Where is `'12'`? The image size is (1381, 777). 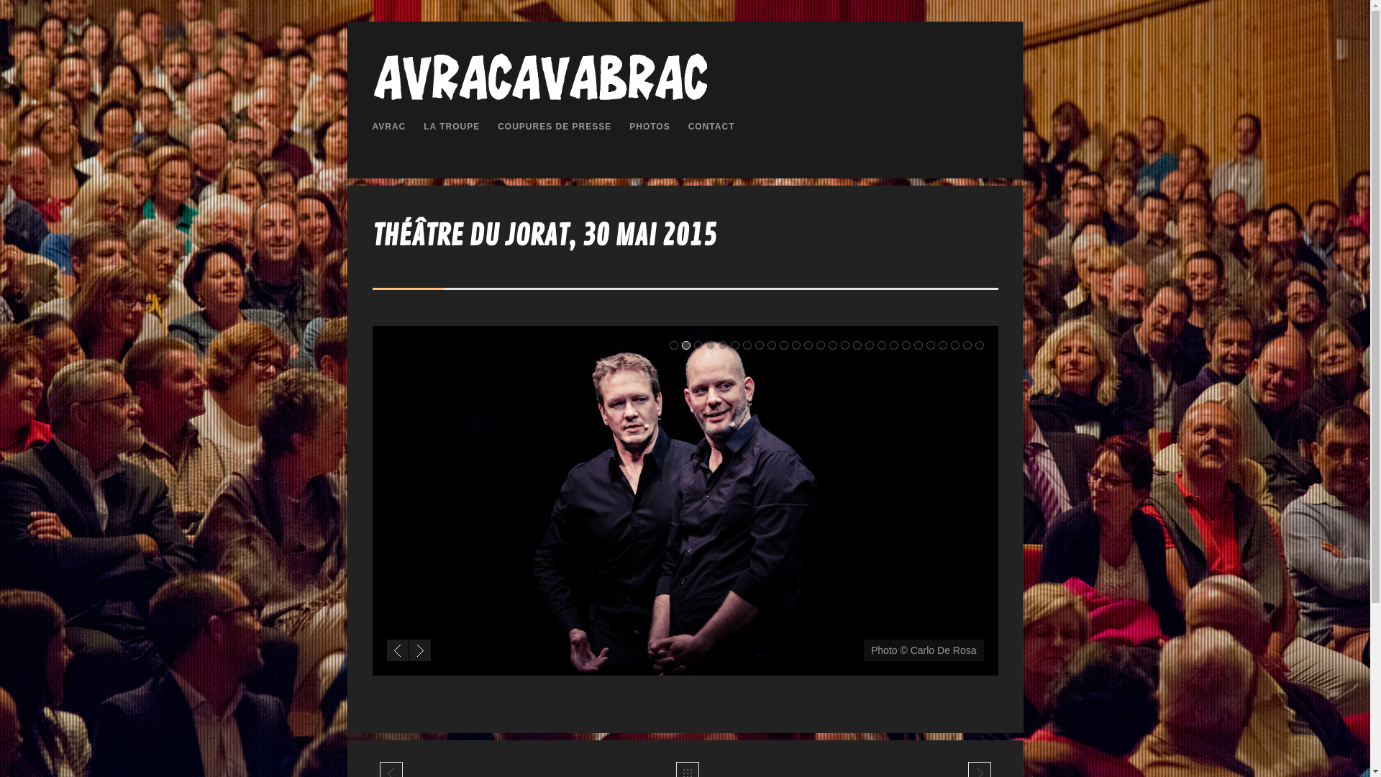
'12' is located at coordinates (808, 345).